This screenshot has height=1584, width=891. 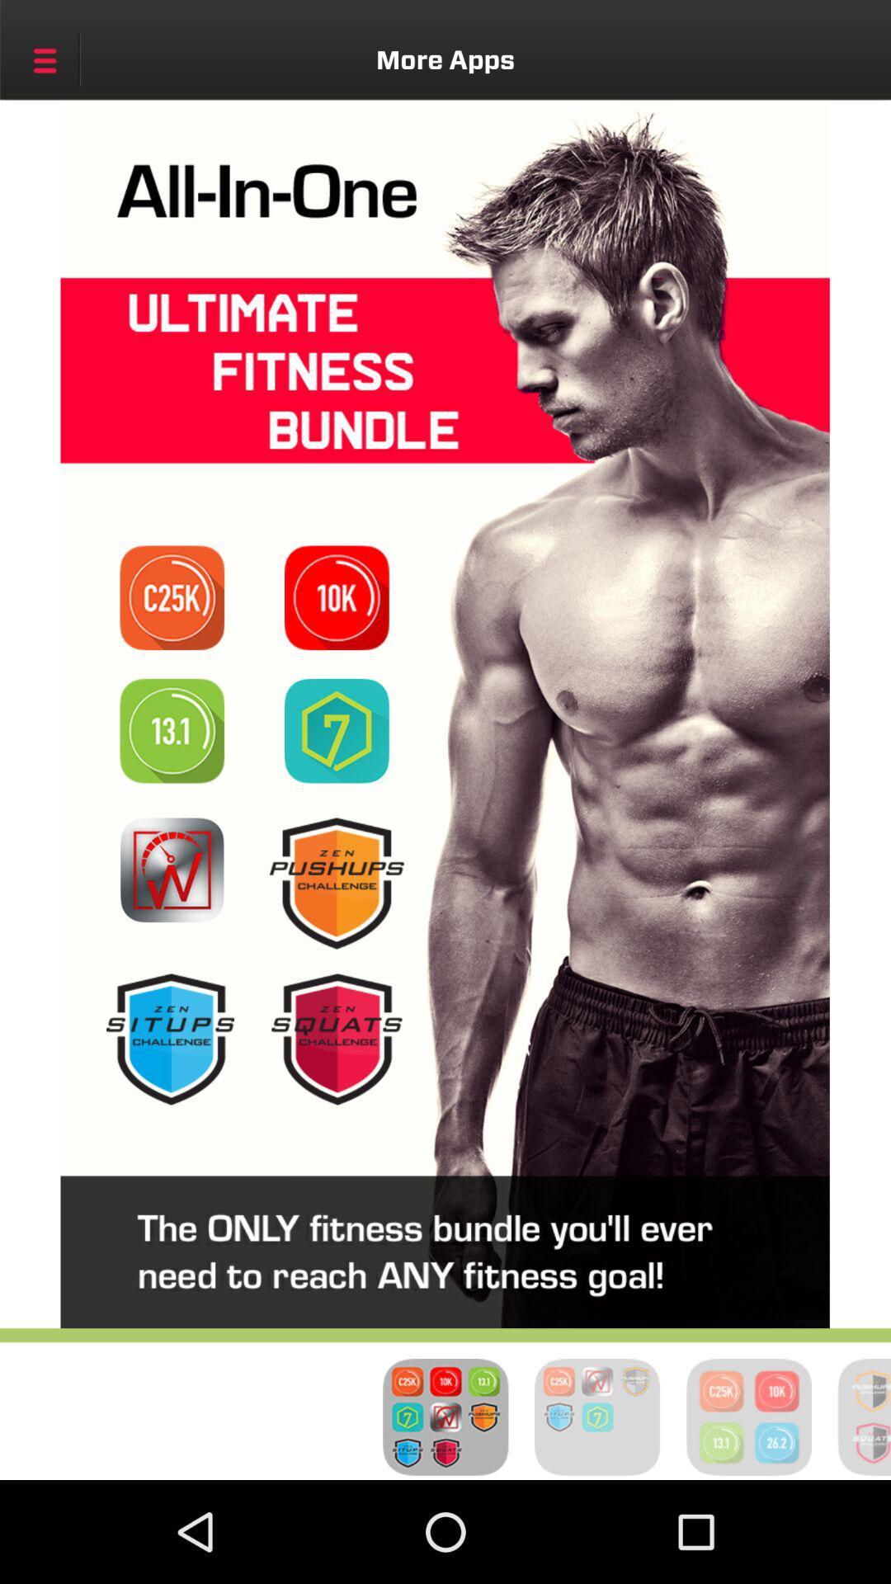 What do you see at coordinates (336, 1038) in the screenshot?
I see `any widget with fitness information` at bounding box center [336, 1038].